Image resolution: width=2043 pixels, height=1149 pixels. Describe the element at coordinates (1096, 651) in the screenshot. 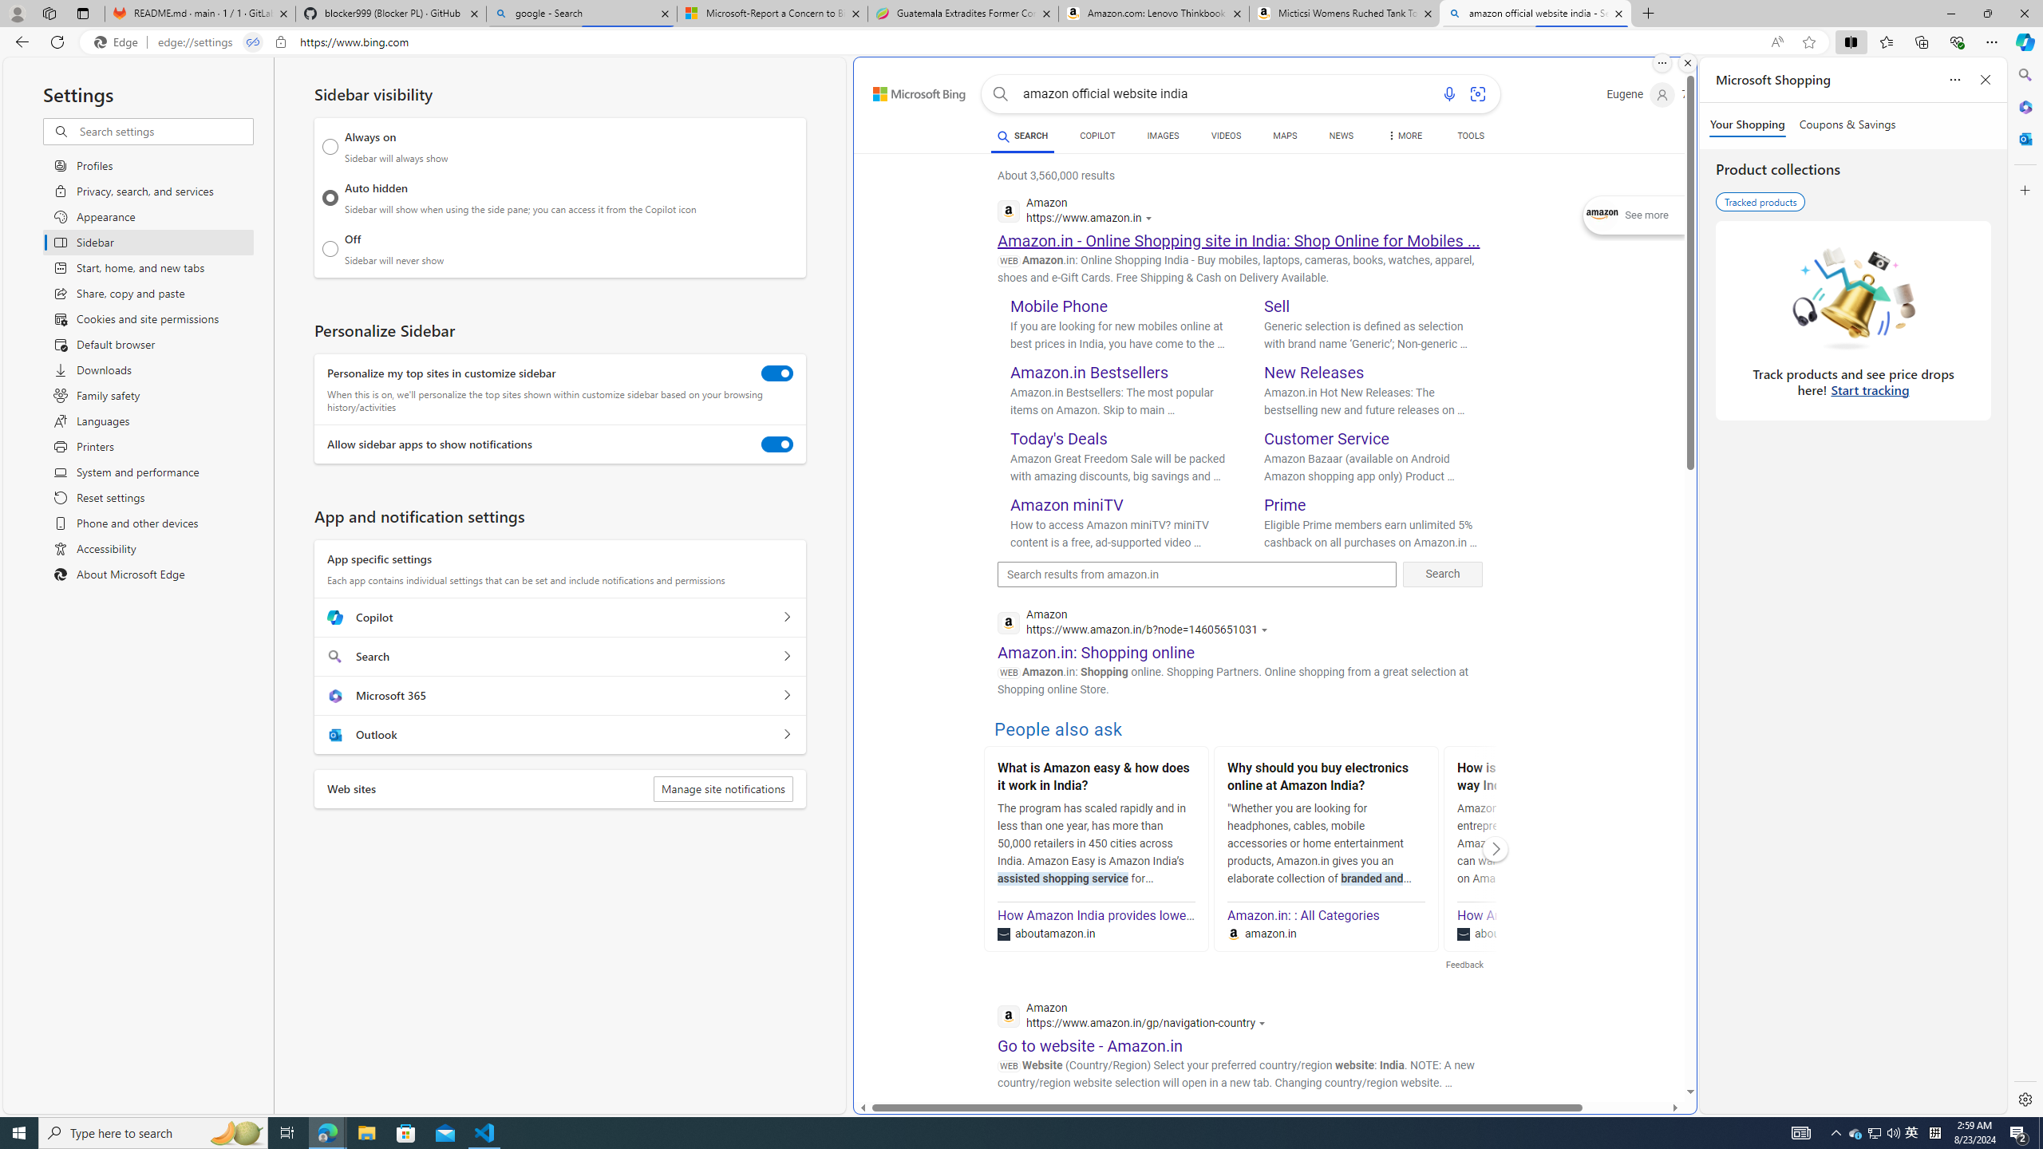

I see `'Amazon.in: Shopping online'` at that location.